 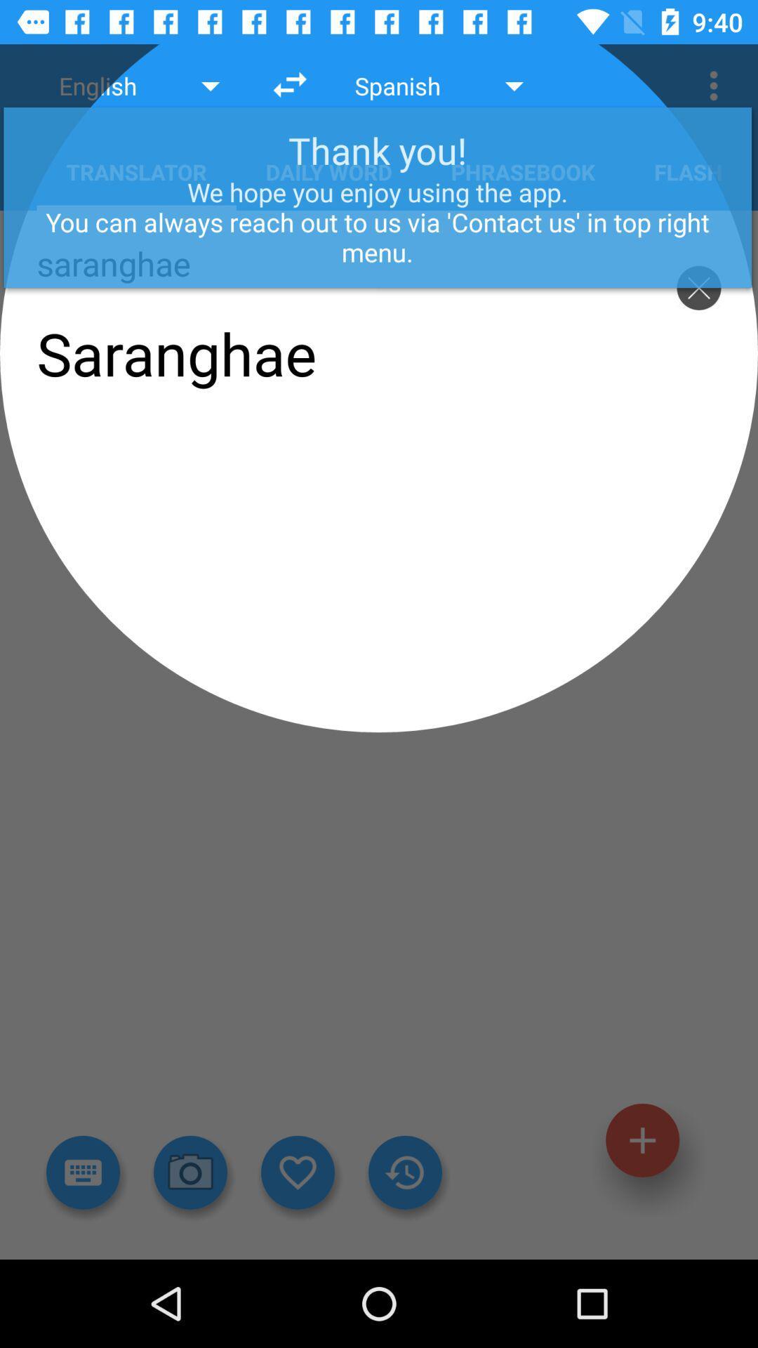 What do you see at coordinates (297, 1172) in the screenshot?
I see `the favorite icon` at bounding box center [297, 1172].